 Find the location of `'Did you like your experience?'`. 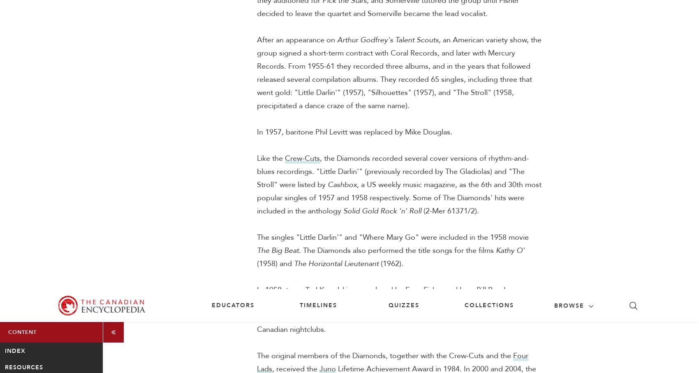

'Did you like your experience?' is located at coordinates (497, 251).